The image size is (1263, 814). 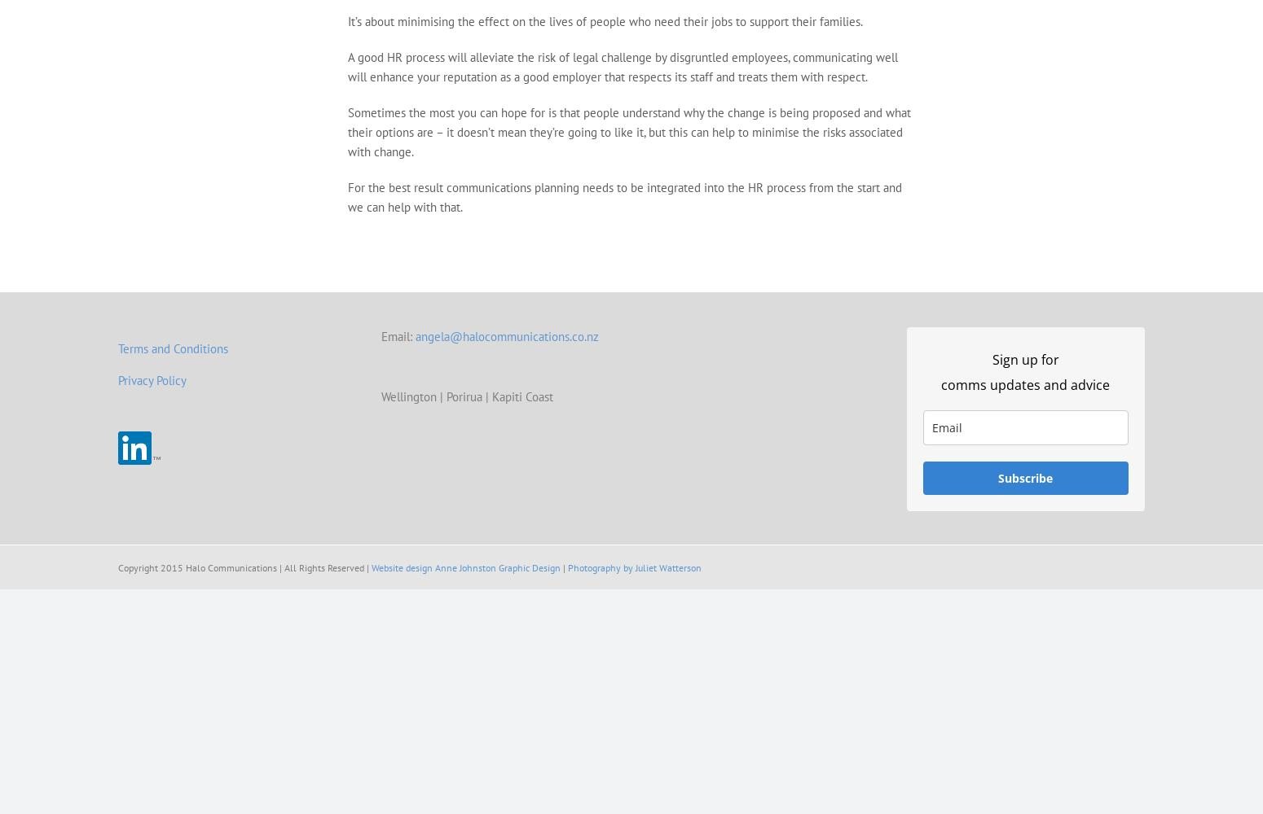 What do you see at coordinates (1024, 477) in the screenshot?
I see `'Subscribe'` at bounding box center [1024, 477].